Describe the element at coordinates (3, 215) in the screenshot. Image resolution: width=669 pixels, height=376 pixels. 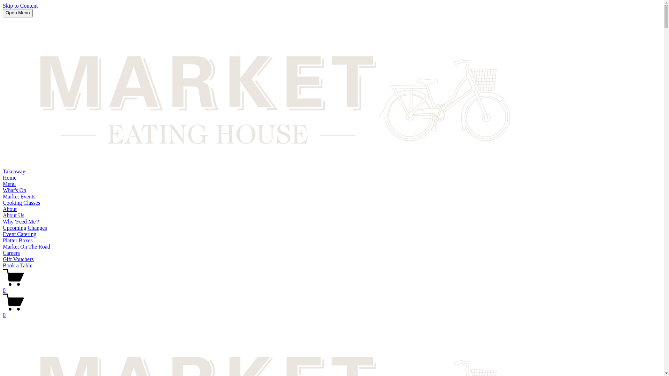
I see `'About Us'` at that location.